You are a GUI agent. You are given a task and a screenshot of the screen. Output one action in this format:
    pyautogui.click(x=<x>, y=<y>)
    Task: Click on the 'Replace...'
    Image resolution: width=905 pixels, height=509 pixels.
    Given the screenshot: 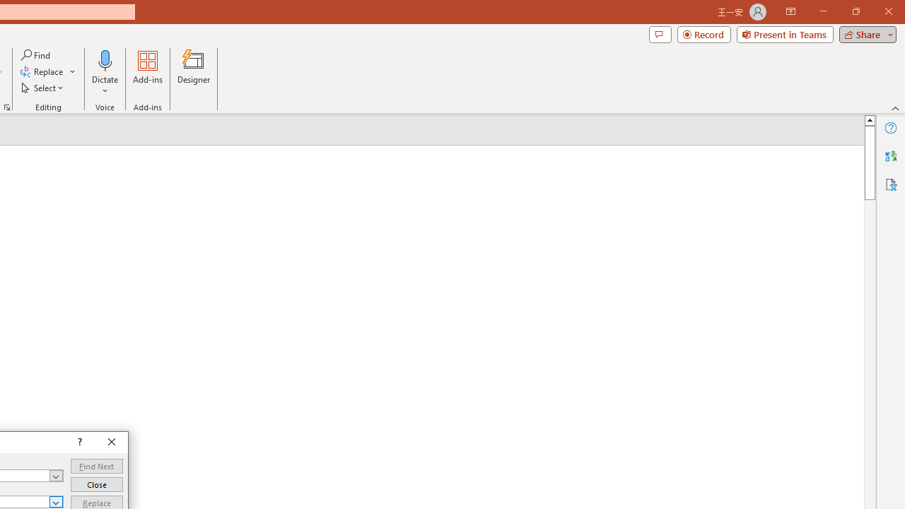 What is the action you would take?
    pyautogui.click(x=49, y=71)
    